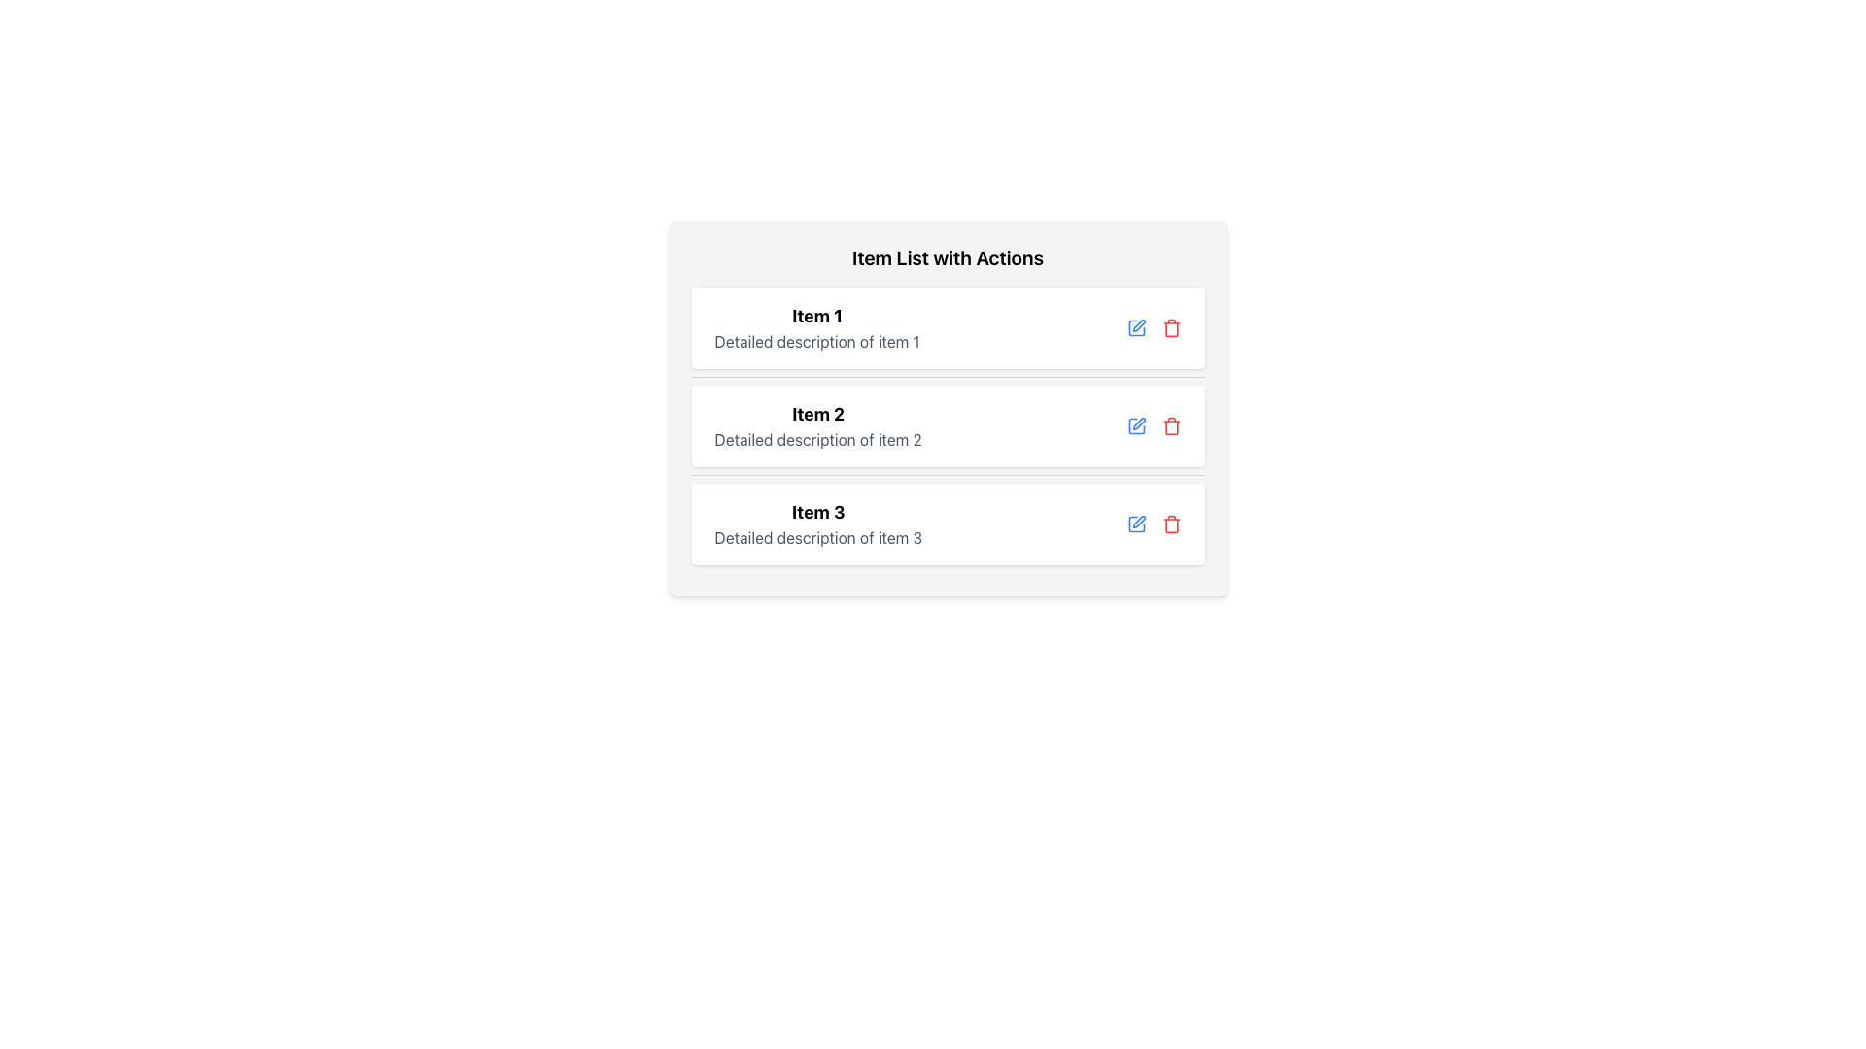 The width and height of the screenshot is (1866, 1049). Describe the element at coordinates (816, 316) in the screenshot. I see `bold, large-sized text label that reads 'Item 1', which is prominently styled in black and located in the header of the first item in the list` at that location.